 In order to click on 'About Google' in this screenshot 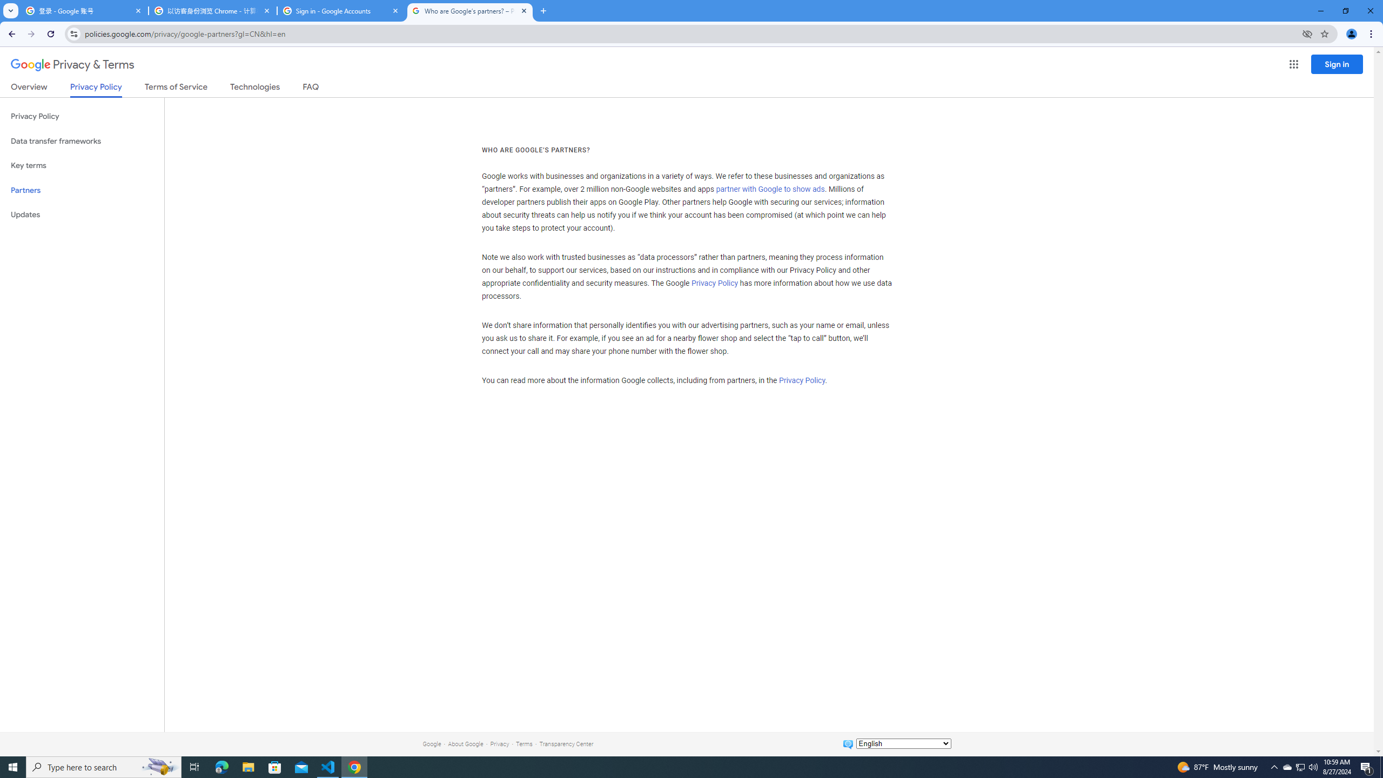, I will do `click(465, 743)`.